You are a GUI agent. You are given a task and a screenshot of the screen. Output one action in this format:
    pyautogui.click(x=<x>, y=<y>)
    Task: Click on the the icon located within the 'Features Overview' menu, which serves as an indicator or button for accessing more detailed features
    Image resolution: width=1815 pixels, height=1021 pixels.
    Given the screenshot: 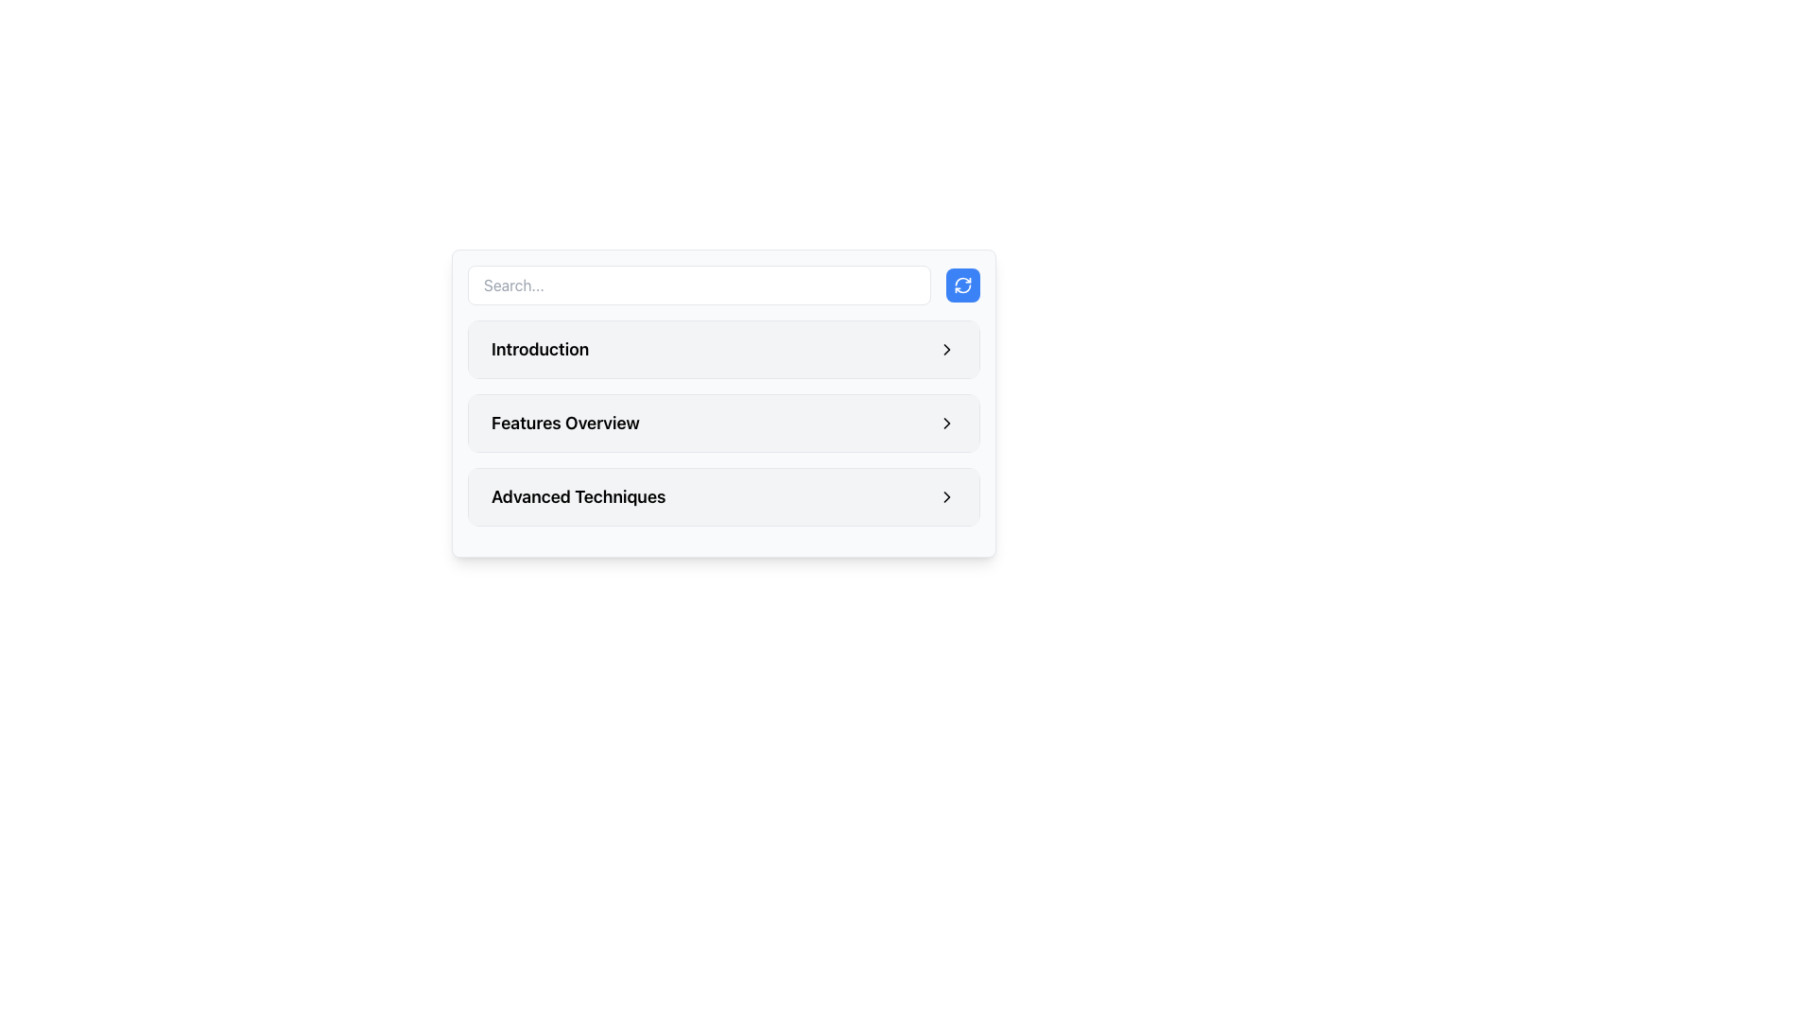 What is the action you would take?
    pyautogui.click(x=947, y=422)
    